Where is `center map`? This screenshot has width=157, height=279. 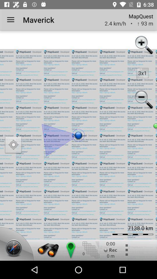 center map is located at coordinates (70, 250).